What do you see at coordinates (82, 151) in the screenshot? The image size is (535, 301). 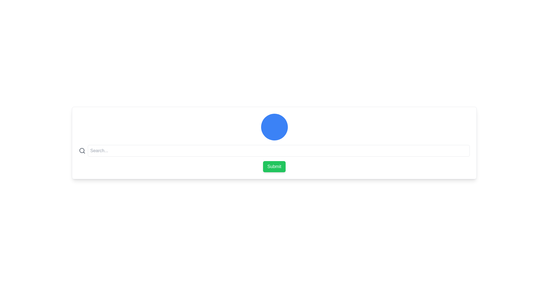 I see `the search icon located to the left of the text input field` at bounding box center [82, 151].